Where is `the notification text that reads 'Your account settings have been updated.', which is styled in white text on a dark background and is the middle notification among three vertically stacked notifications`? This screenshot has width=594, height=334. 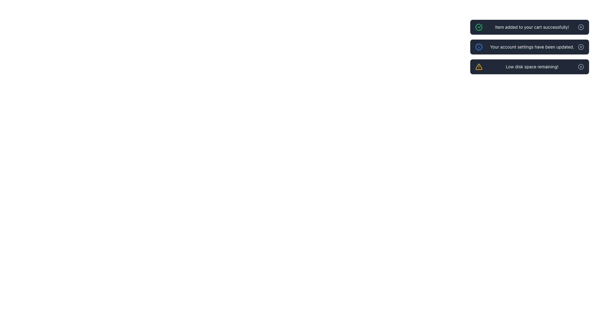
the notification text that reads 'Your account settings have been updated.', which is styled in white text on a dark background and is the middle notification among three vertically stacked notifications is located at coordinates (532, 46).